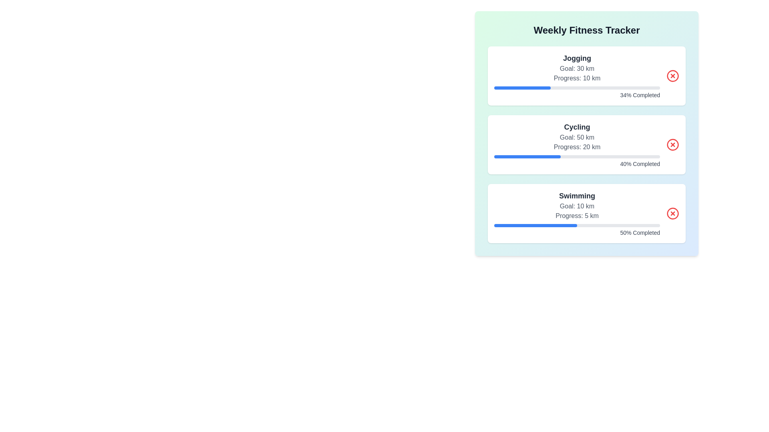 The image size is (769, 432). Describe the element at coordinates (577, 126) in the screenshot. I see `the 'Cycling' text label, which is displayed in bold, large dark gray font against a white background, located at the top of the second card in the fitness tracking activities list` at that location.